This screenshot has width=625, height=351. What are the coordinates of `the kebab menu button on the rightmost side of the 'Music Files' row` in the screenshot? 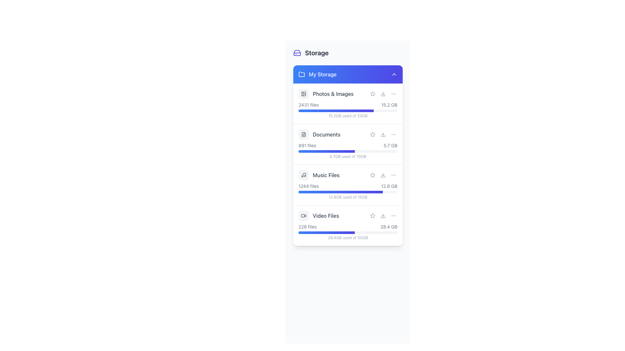 It's located at (393, 175).